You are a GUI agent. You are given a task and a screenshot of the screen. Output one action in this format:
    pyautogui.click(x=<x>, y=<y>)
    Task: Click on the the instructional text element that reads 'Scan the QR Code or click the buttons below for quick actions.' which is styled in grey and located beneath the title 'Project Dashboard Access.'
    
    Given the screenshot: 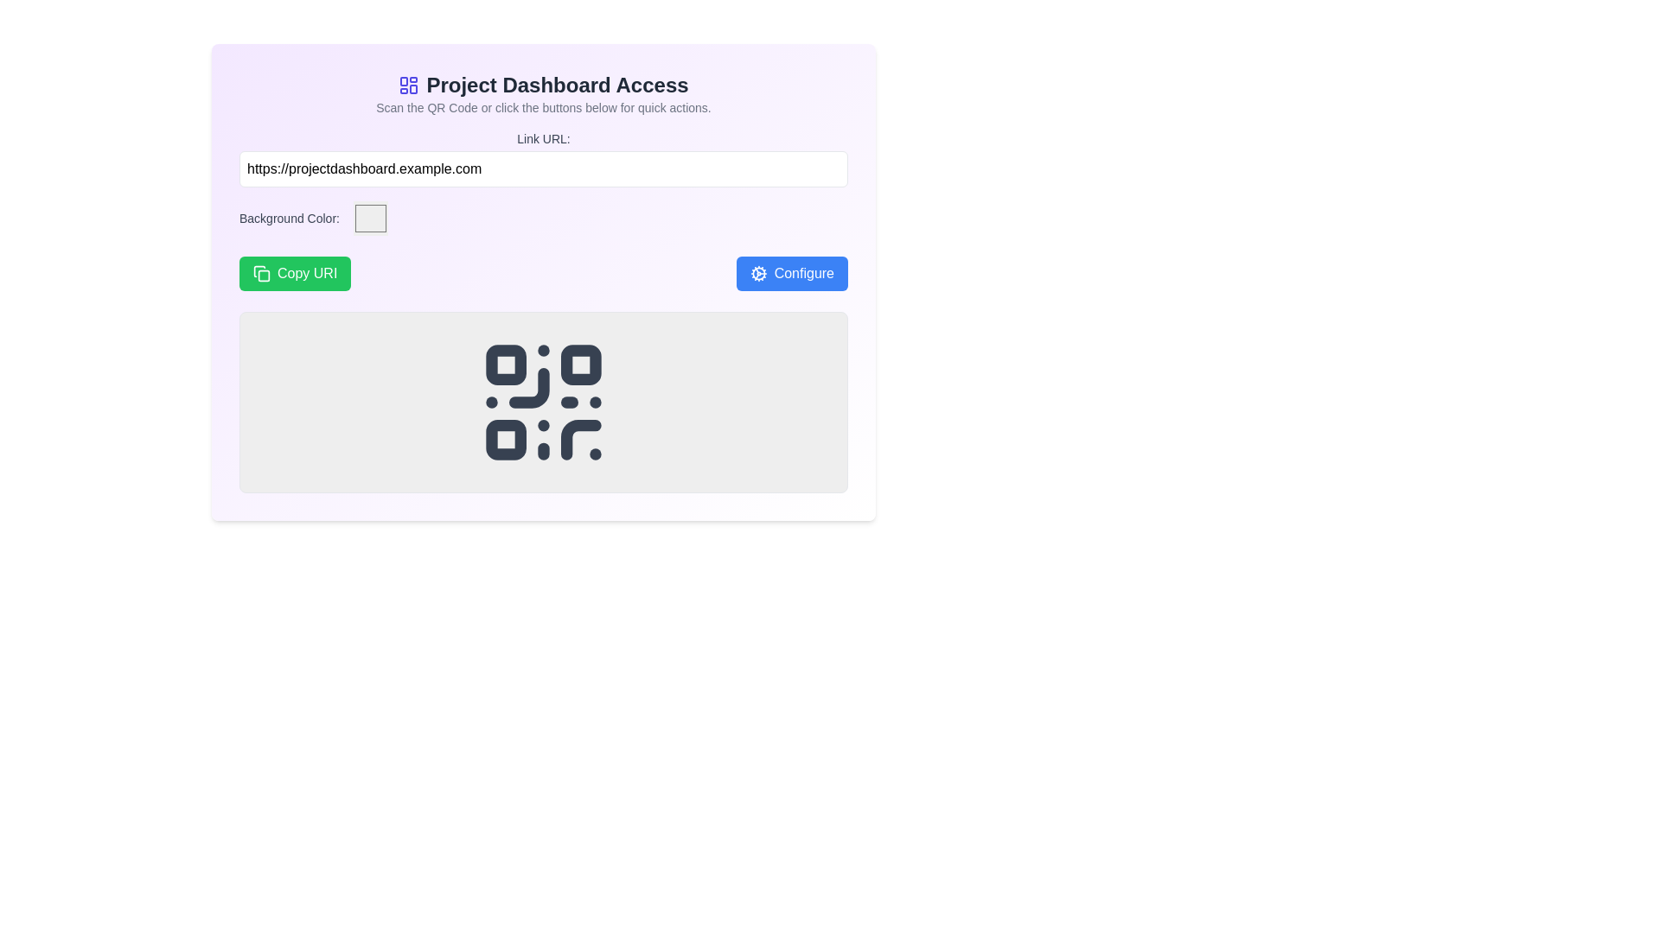 What is the action you would take?
    pyautogui.click(x=542, y=107)
    